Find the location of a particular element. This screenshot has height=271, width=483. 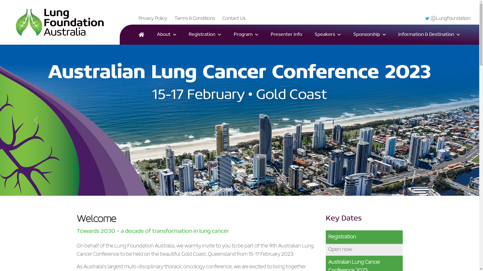

'Presenter Info' is located at coordinates (264, 34).